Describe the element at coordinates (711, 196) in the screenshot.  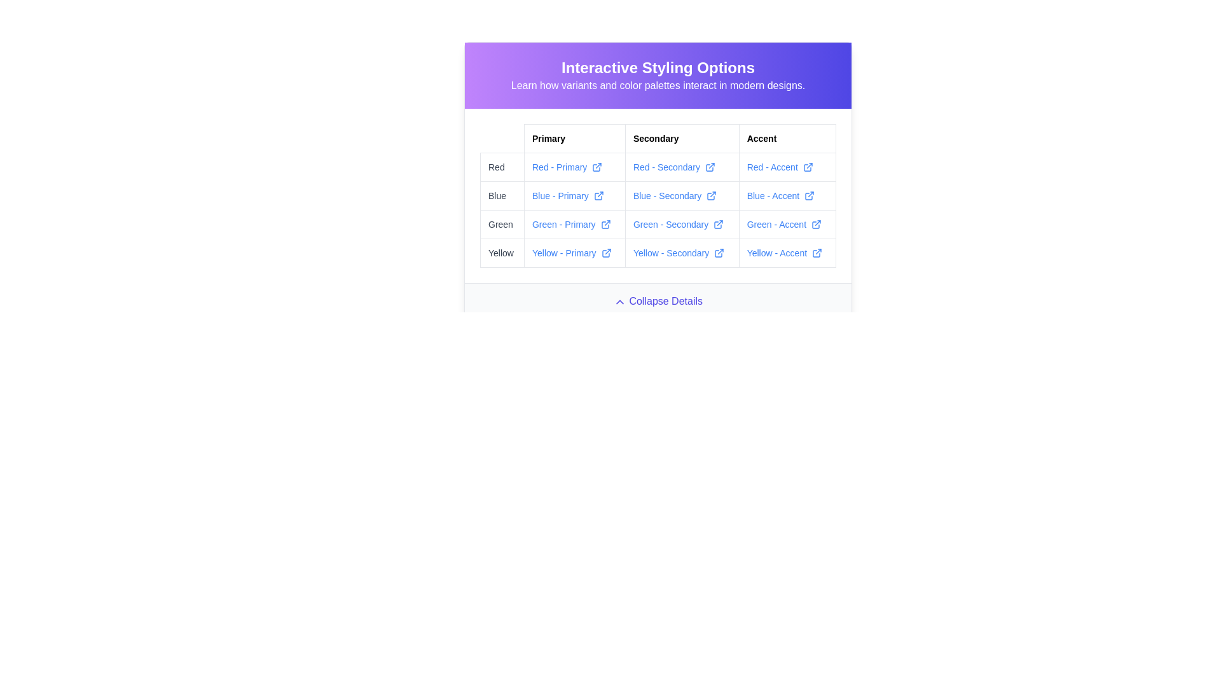
I see `the external link icon located next to the text 'Blue - Secondary' in the 'Secondary' column of the table` at that location.